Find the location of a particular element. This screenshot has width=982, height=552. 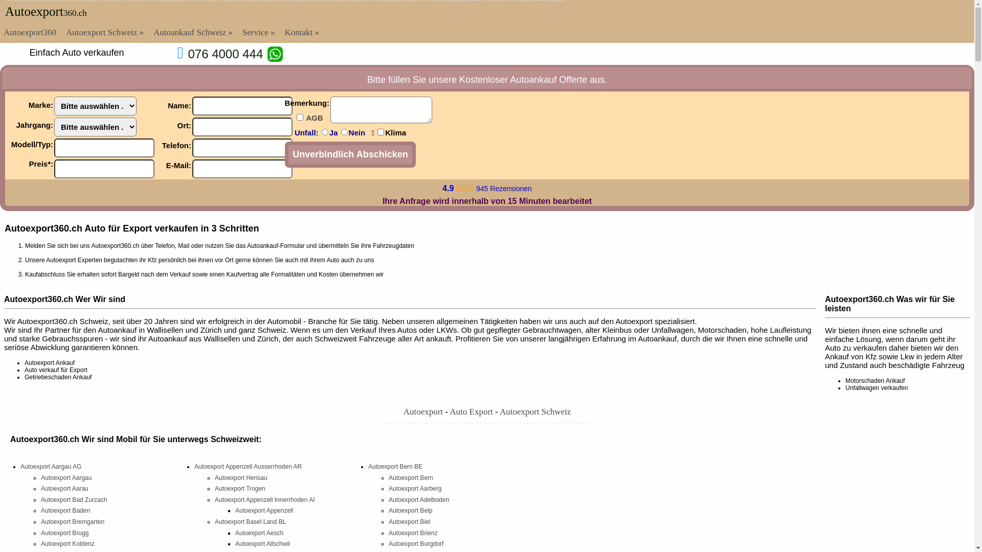

'Autoexport Baden' is located at coordinates (65, 511).